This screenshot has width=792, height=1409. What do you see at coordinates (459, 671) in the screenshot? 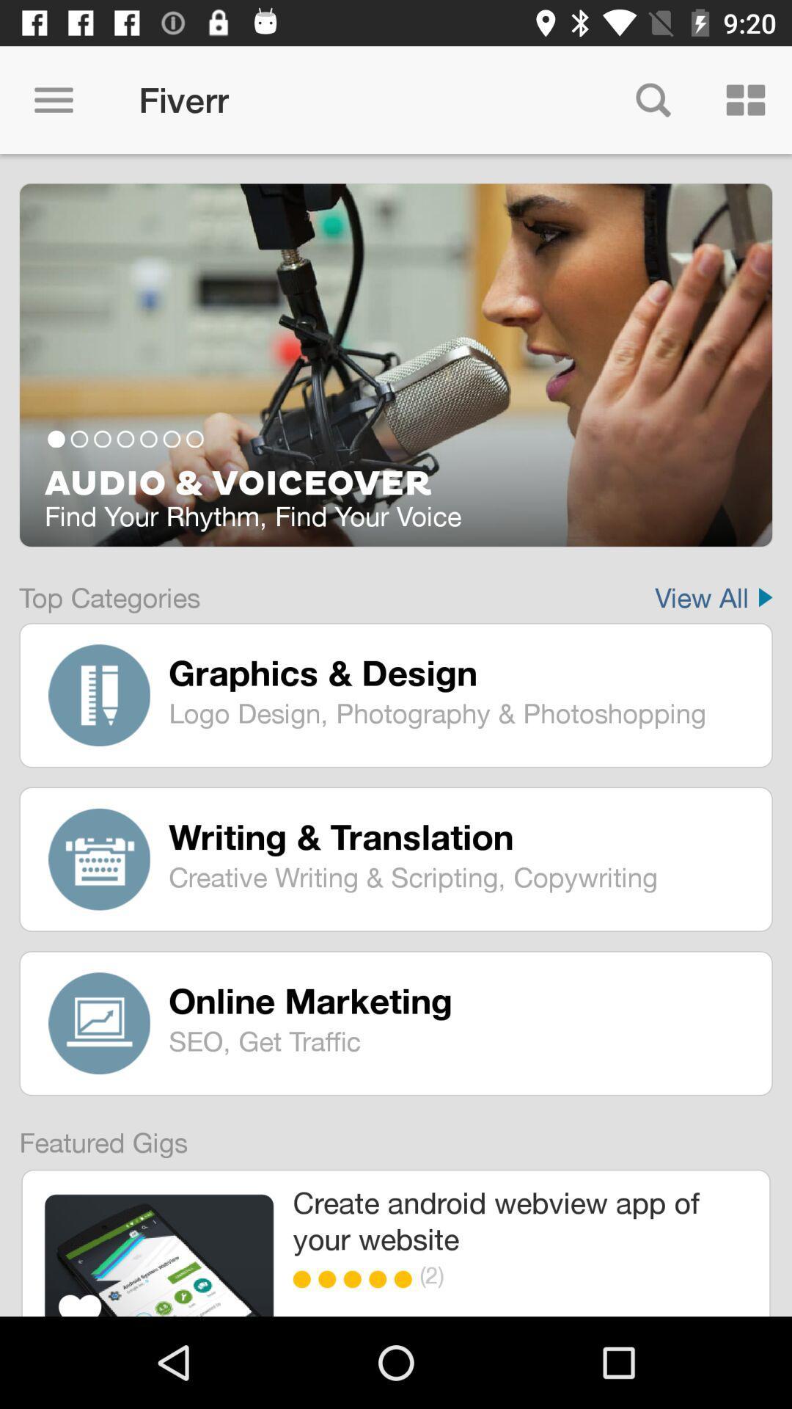
I see `icon above logo design photography item` at bounding box center [459, 671].